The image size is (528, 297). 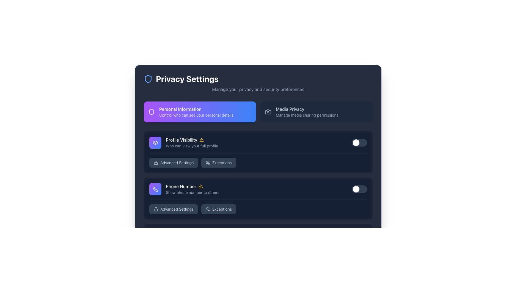 What do you see at coordinates (155, 282) in the screenshot?
I see `the map pin icon located at the bottom center of the interface, which is part of the privacy-related settings section` at bounding box center [155, 282].